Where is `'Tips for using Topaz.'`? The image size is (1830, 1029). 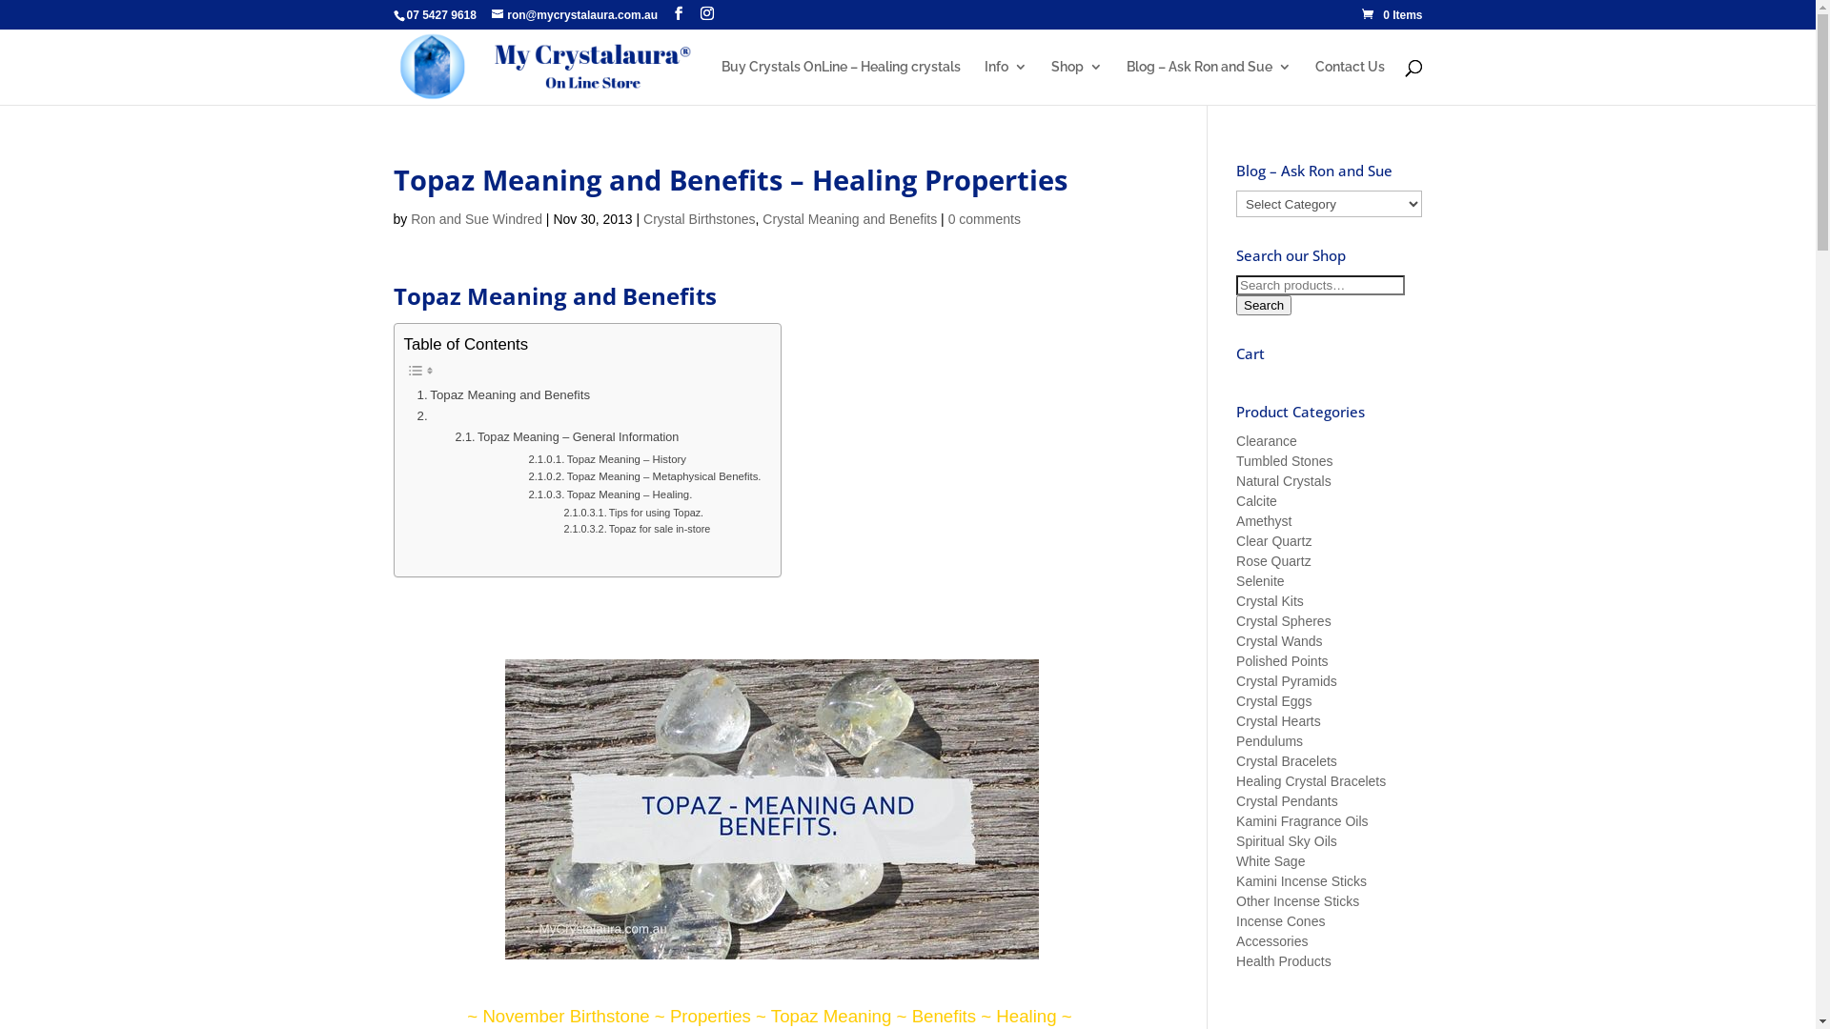 'Tips for using Topaz.' is located at coordinates (561, 512).